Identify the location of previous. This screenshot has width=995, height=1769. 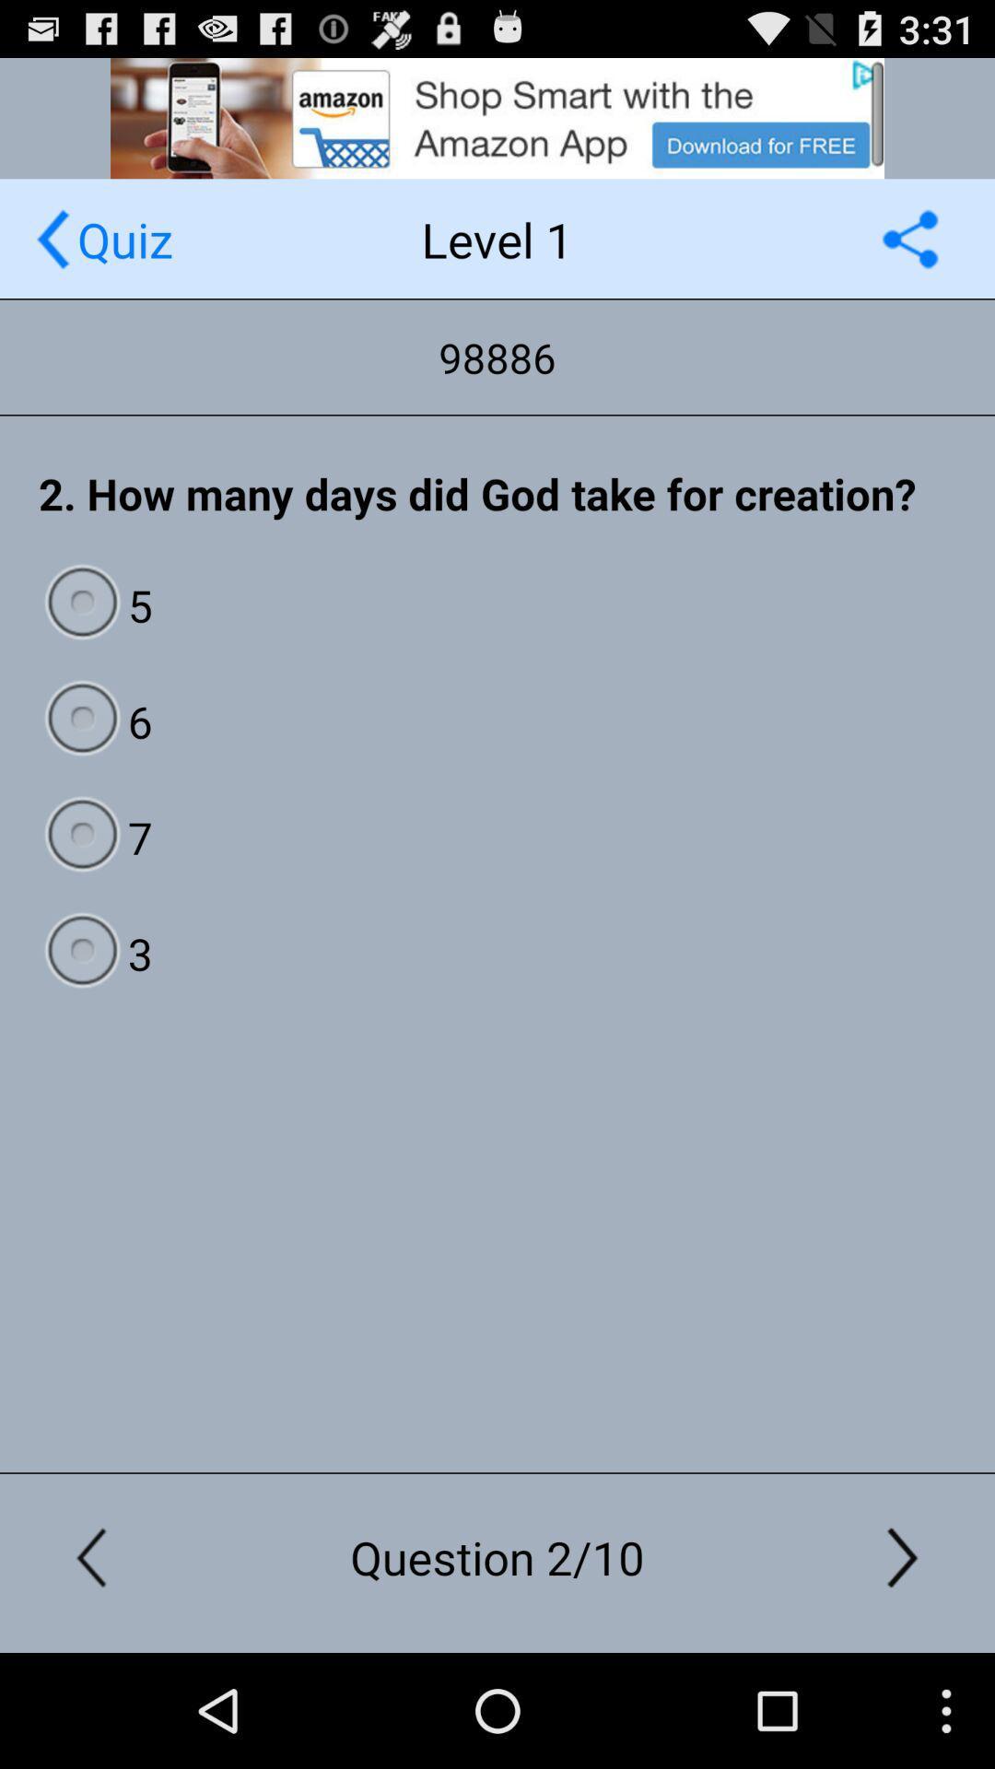
(52, 238).